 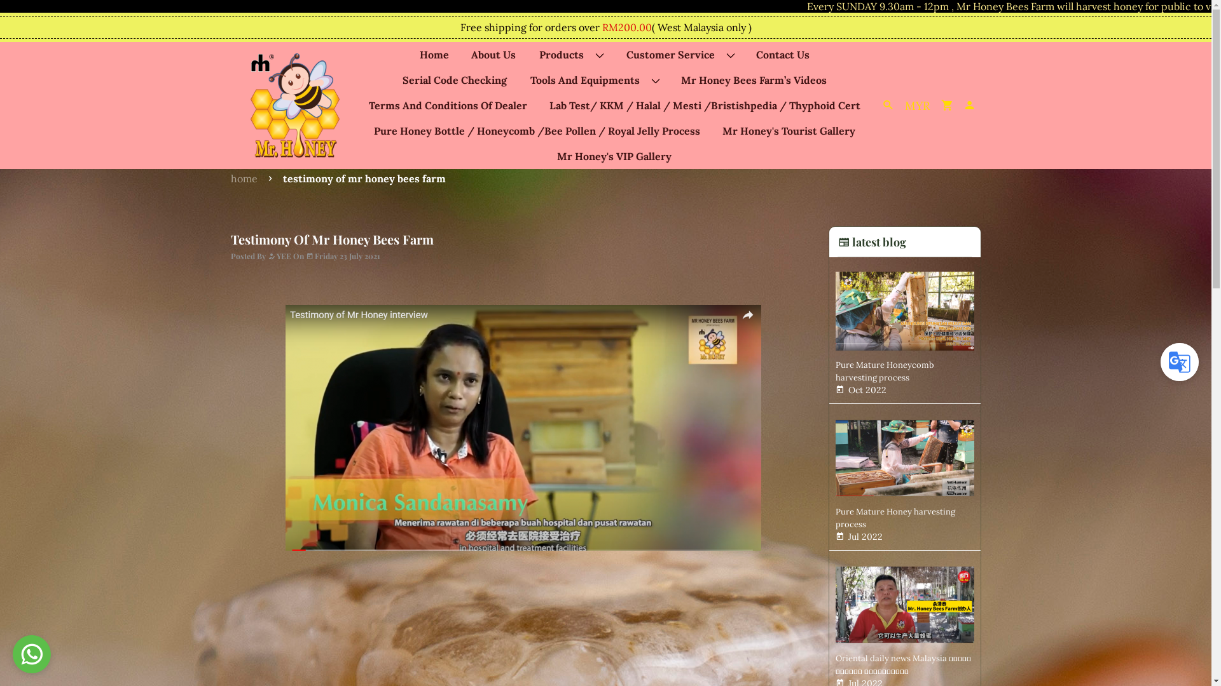 I want to click on 'Mr Honey'S VIP Gallery', so click(x=614, y=156).